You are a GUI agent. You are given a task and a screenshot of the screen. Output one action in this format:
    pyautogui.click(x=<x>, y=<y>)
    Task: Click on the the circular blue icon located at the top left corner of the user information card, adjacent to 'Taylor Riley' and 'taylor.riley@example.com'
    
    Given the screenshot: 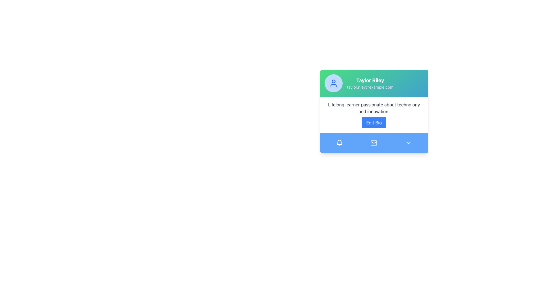 What is the action you would take?
    pyautogui.click(x=333, y=83)
    